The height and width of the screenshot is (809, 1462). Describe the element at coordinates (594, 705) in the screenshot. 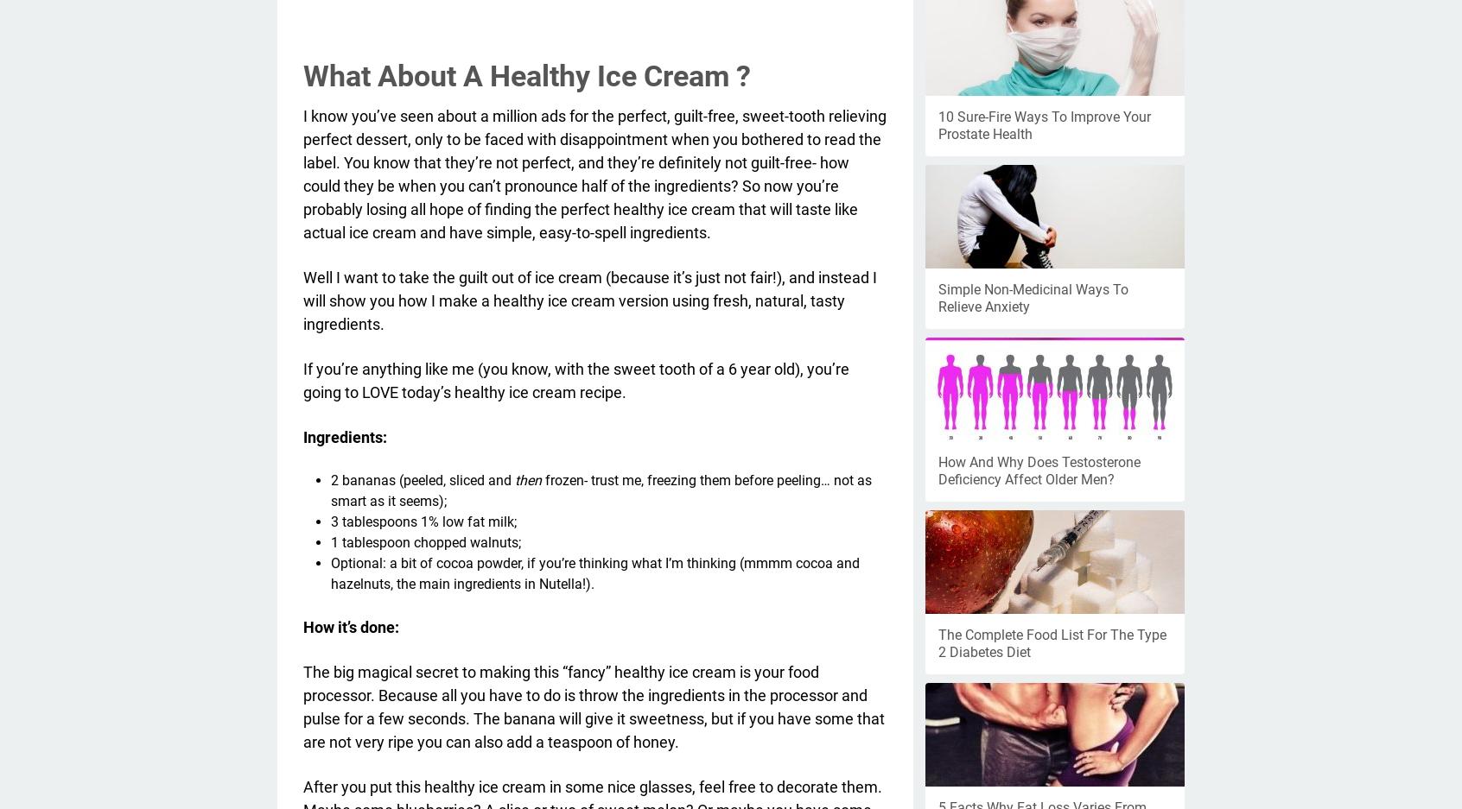

I see `'The big magical secret to making this “fancy” healthy ice cream is your food processor. Because all you have to do is throw the ingredients in the processor and pulse for a few seconds. The banana will give it sweetness, but if you have some that are not very ripe you can also add a teaspoon of honey.'` at that location.